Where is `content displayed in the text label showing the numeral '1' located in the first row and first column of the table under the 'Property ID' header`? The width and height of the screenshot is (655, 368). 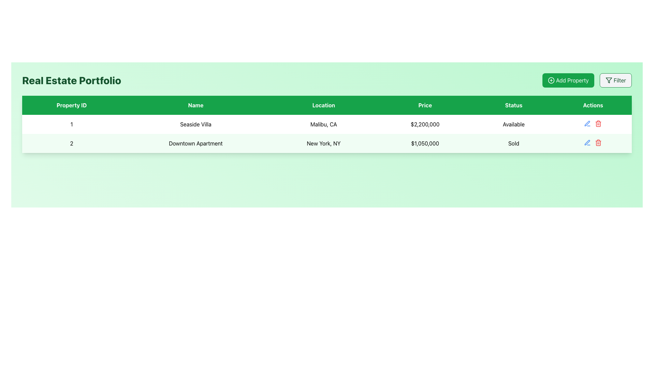
content displayed in the text label showing the numeral '1' located in the first row and first column of the table under the 'Property ID' header is located at coordinates (72, 124).